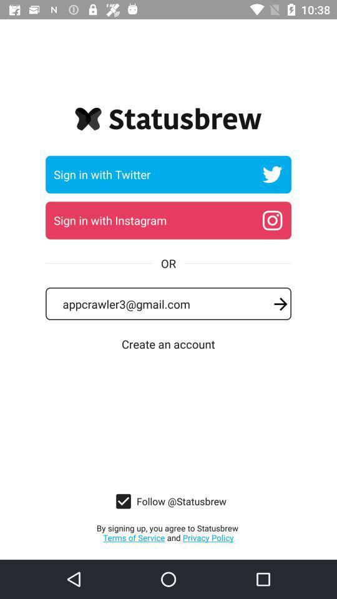  I want to click on the arrow_forward icon, so click(280, 303).